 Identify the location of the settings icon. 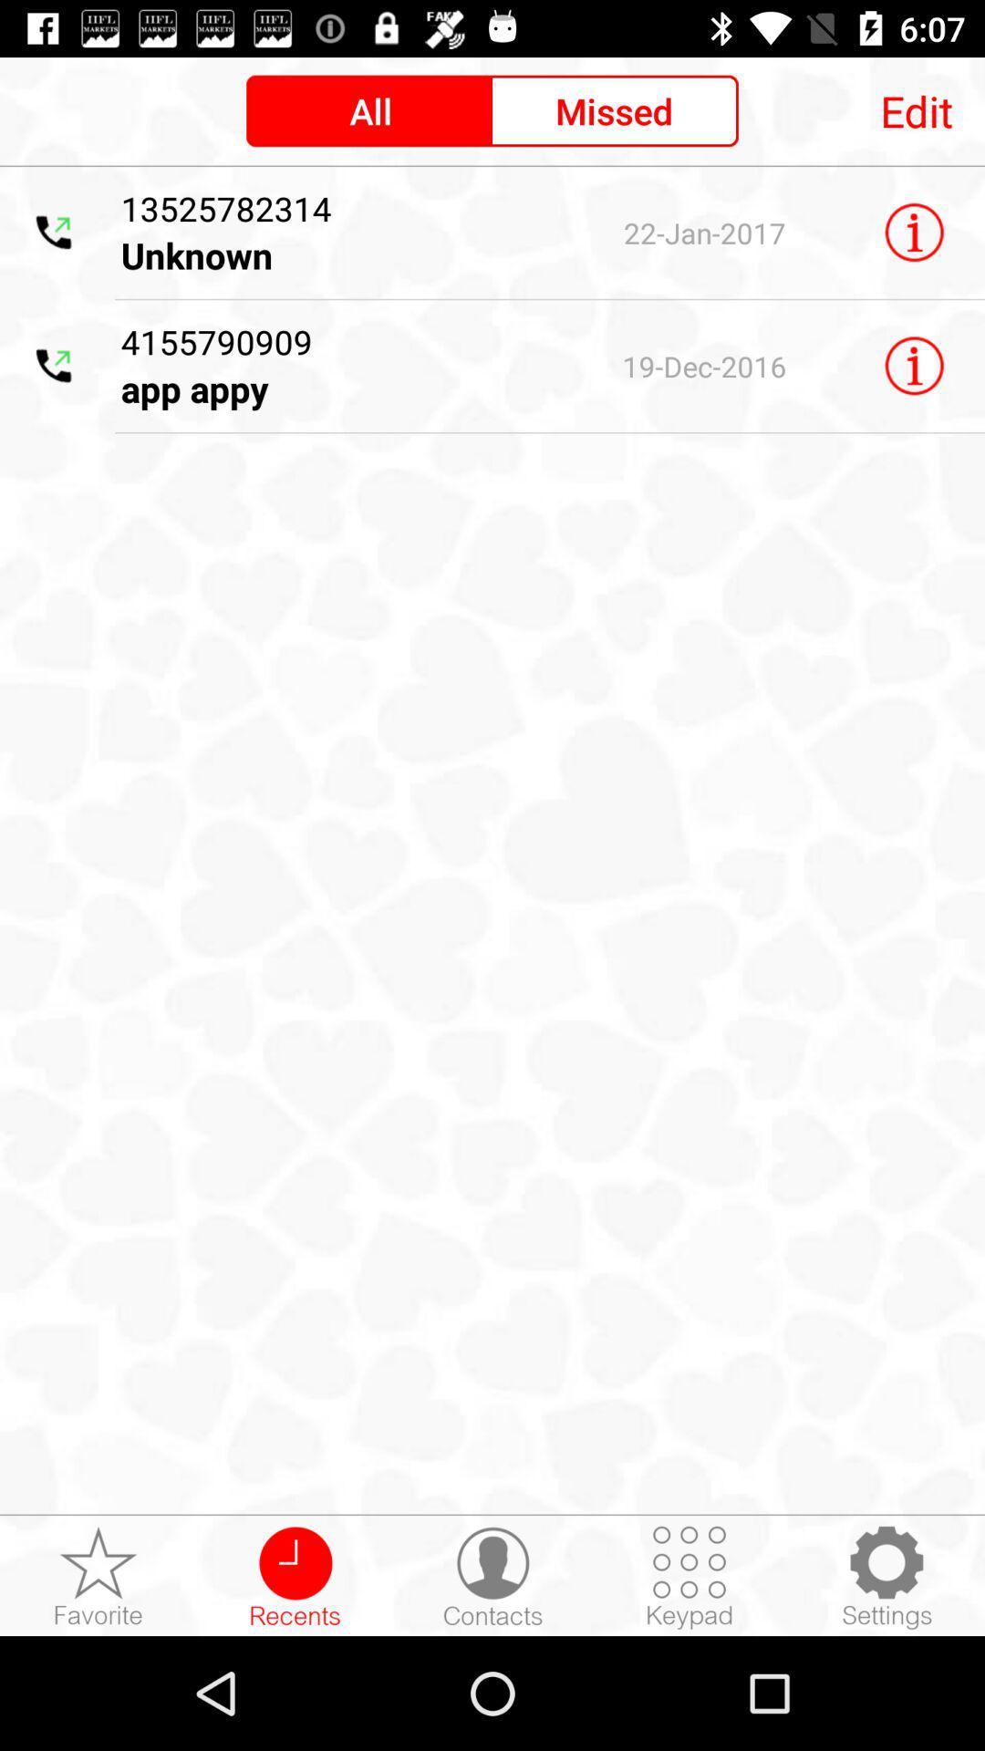
(886, 1576).